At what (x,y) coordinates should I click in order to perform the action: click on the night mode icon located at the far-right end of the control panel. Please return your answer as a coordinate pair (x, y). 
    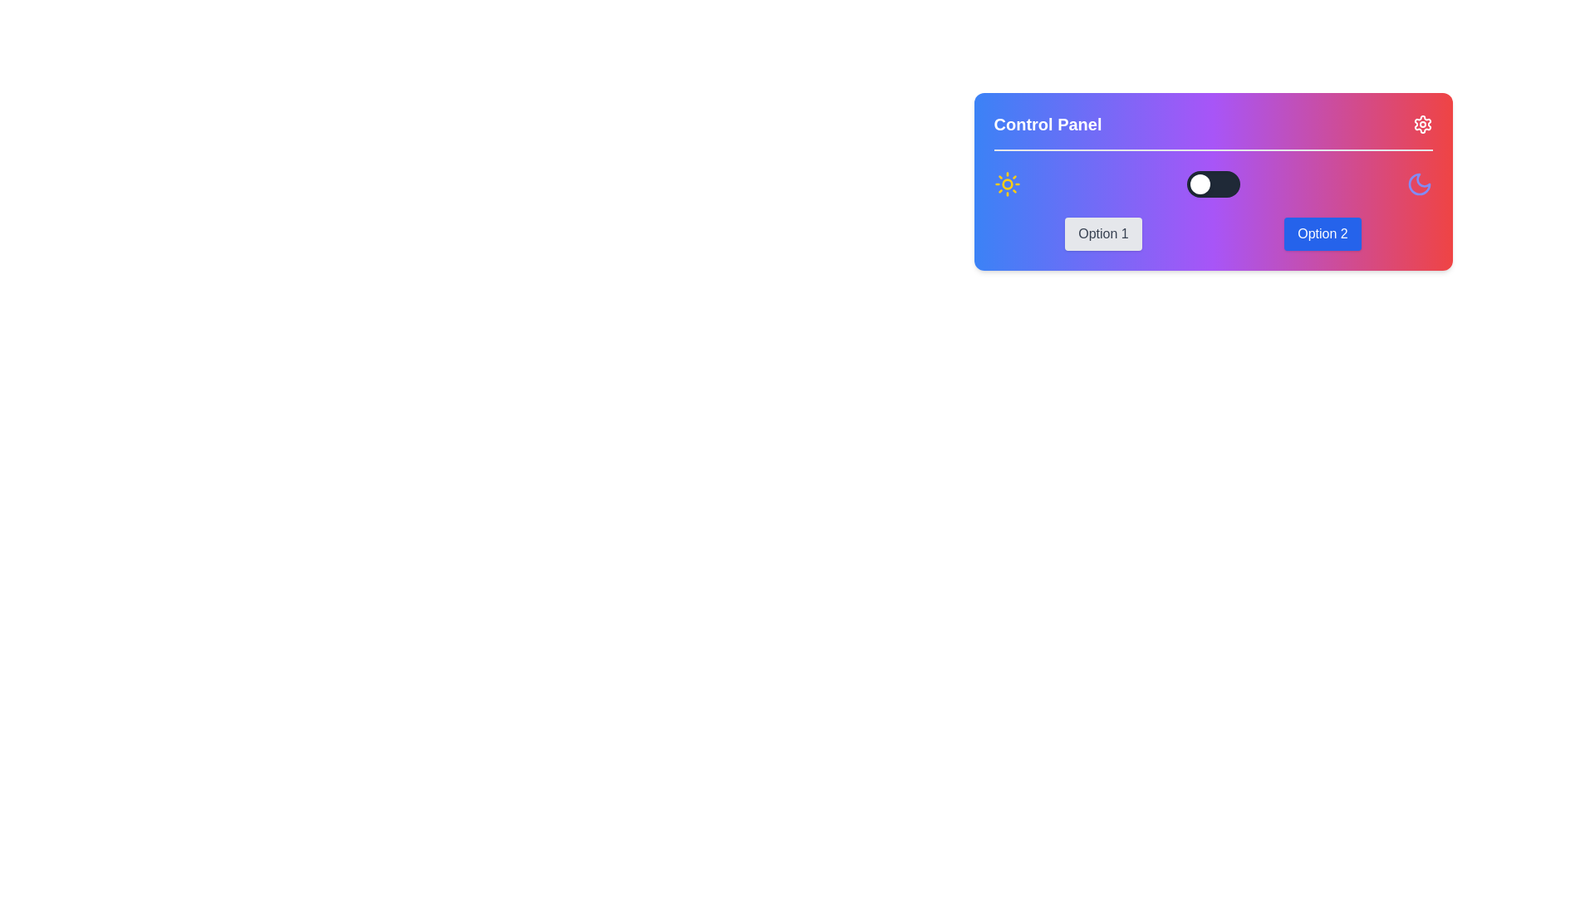
    Looking at the image, I should click on (1418, 184).